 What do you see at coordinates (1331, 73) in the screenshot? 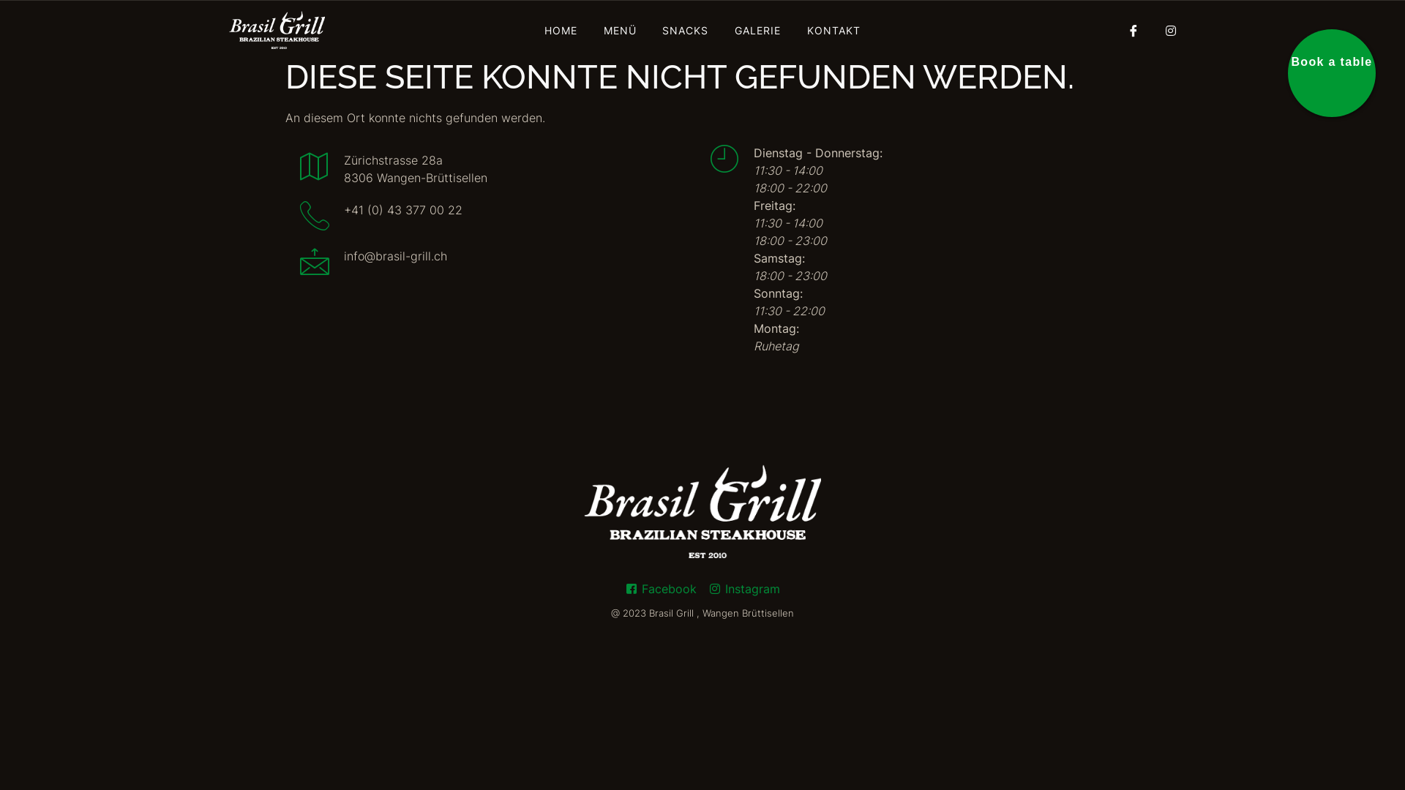
I see `'Book a table'` at bounding box center [1331, 73].